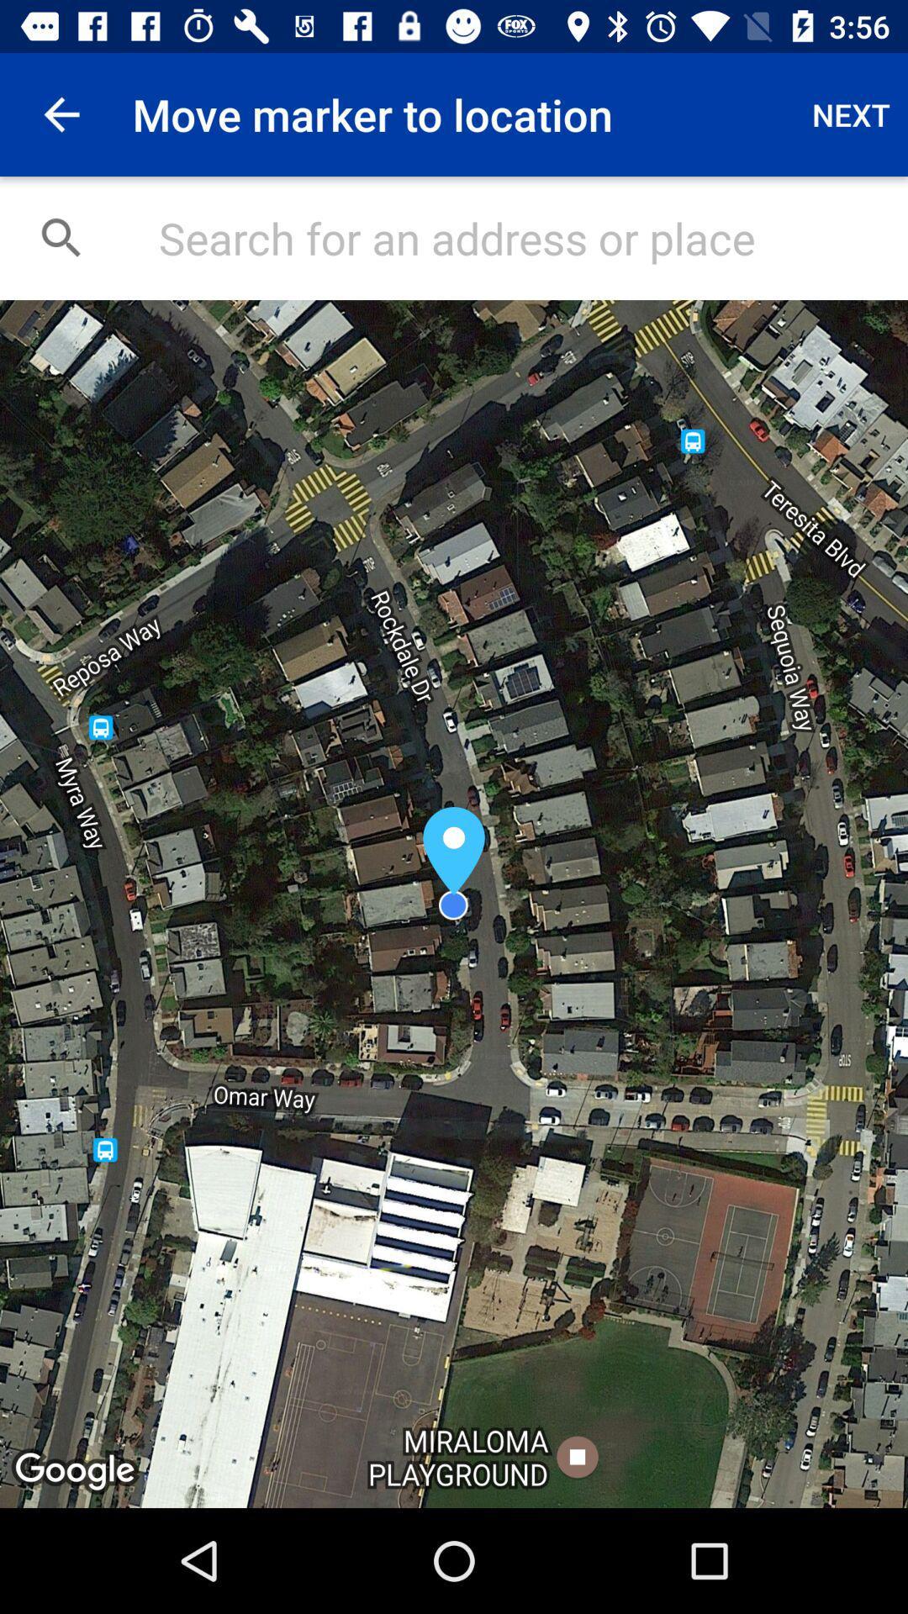 This screenshot has width=908, height=1614. I want to click on next, so click(851, 113).